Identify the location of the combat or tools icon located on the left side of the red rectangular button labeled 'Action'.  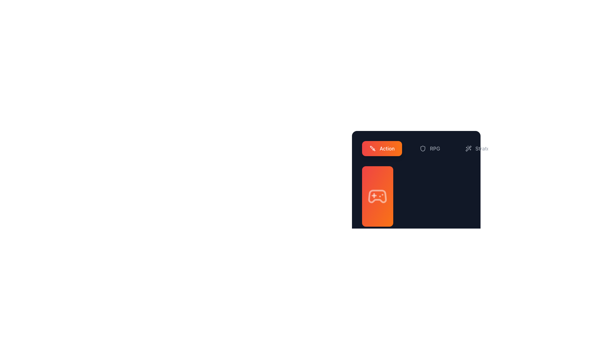
(372, 148).